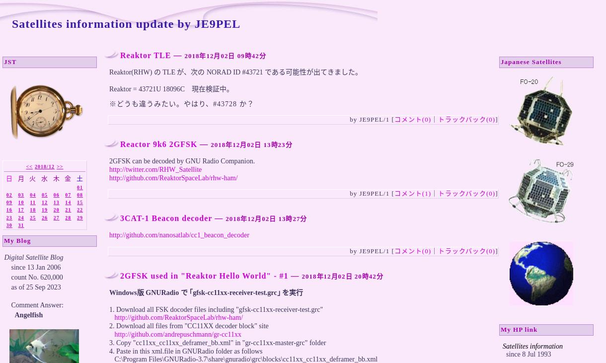 This screenshot has width=606, height=363. What do you see at coordinates (251, 144) in the screenshot?
I see `'2018年12月02日 13時23分'` at bounding box center [251, 144].